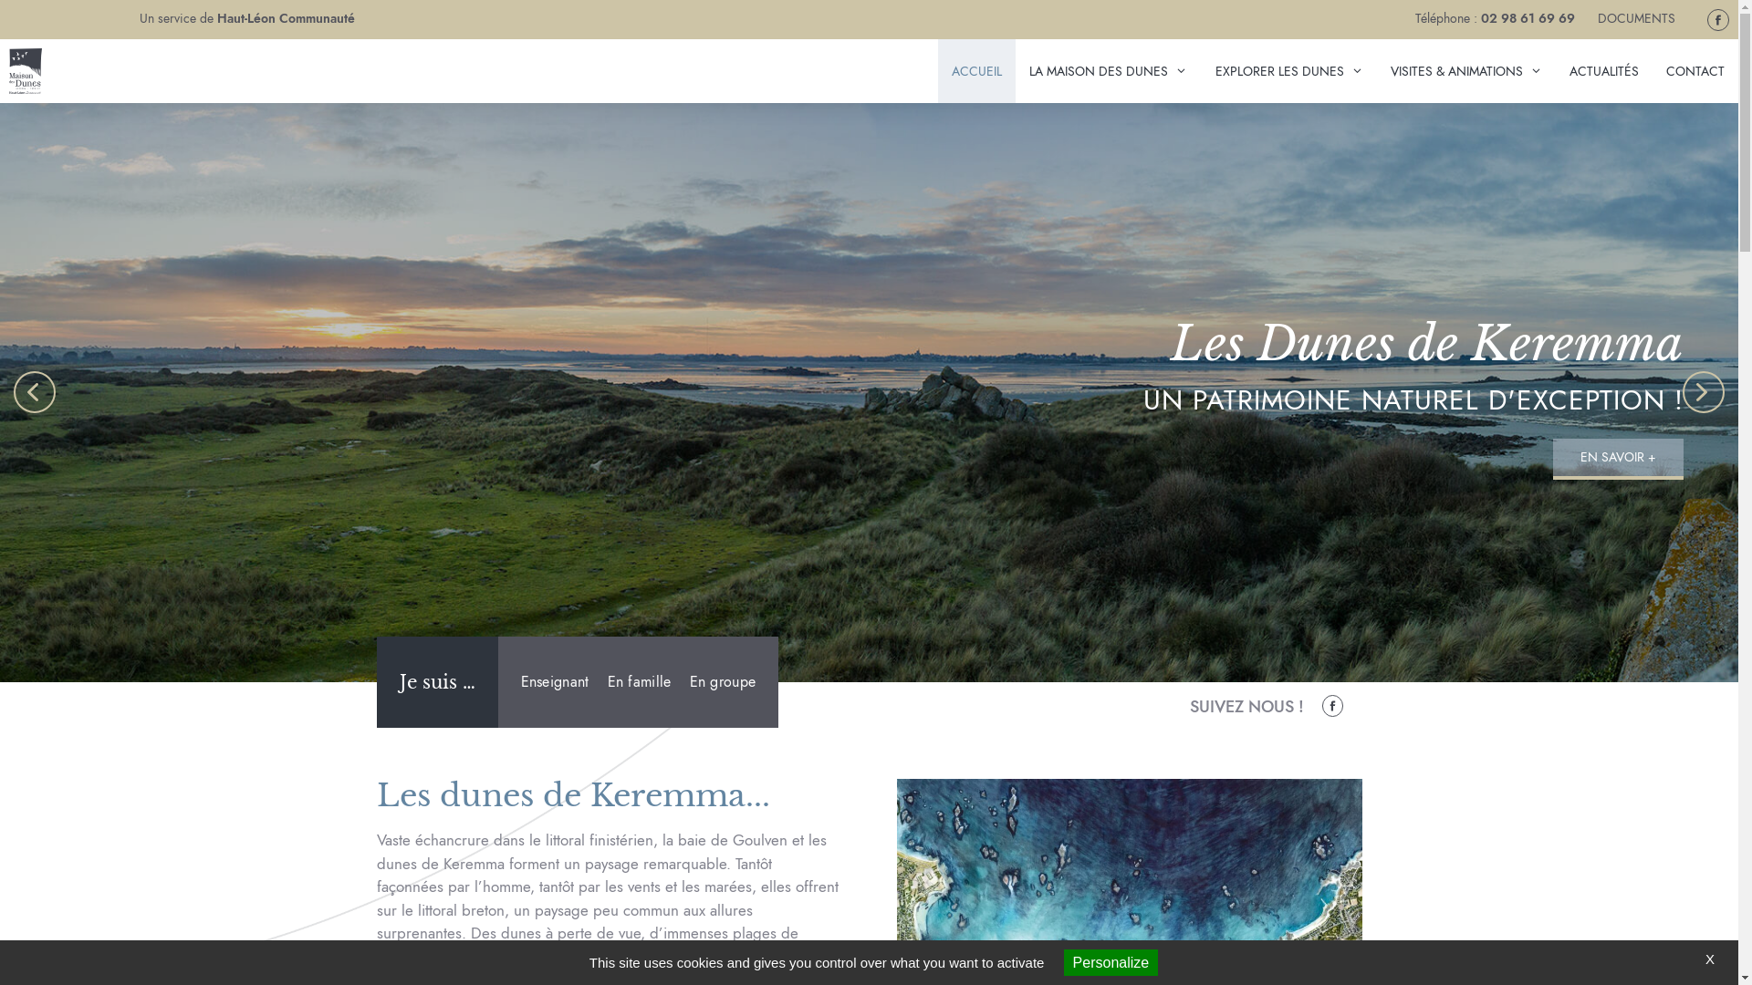 The height and width of the screenshot is (985, 1752). I want to click on 'CONTACT', so click(1694, 69).